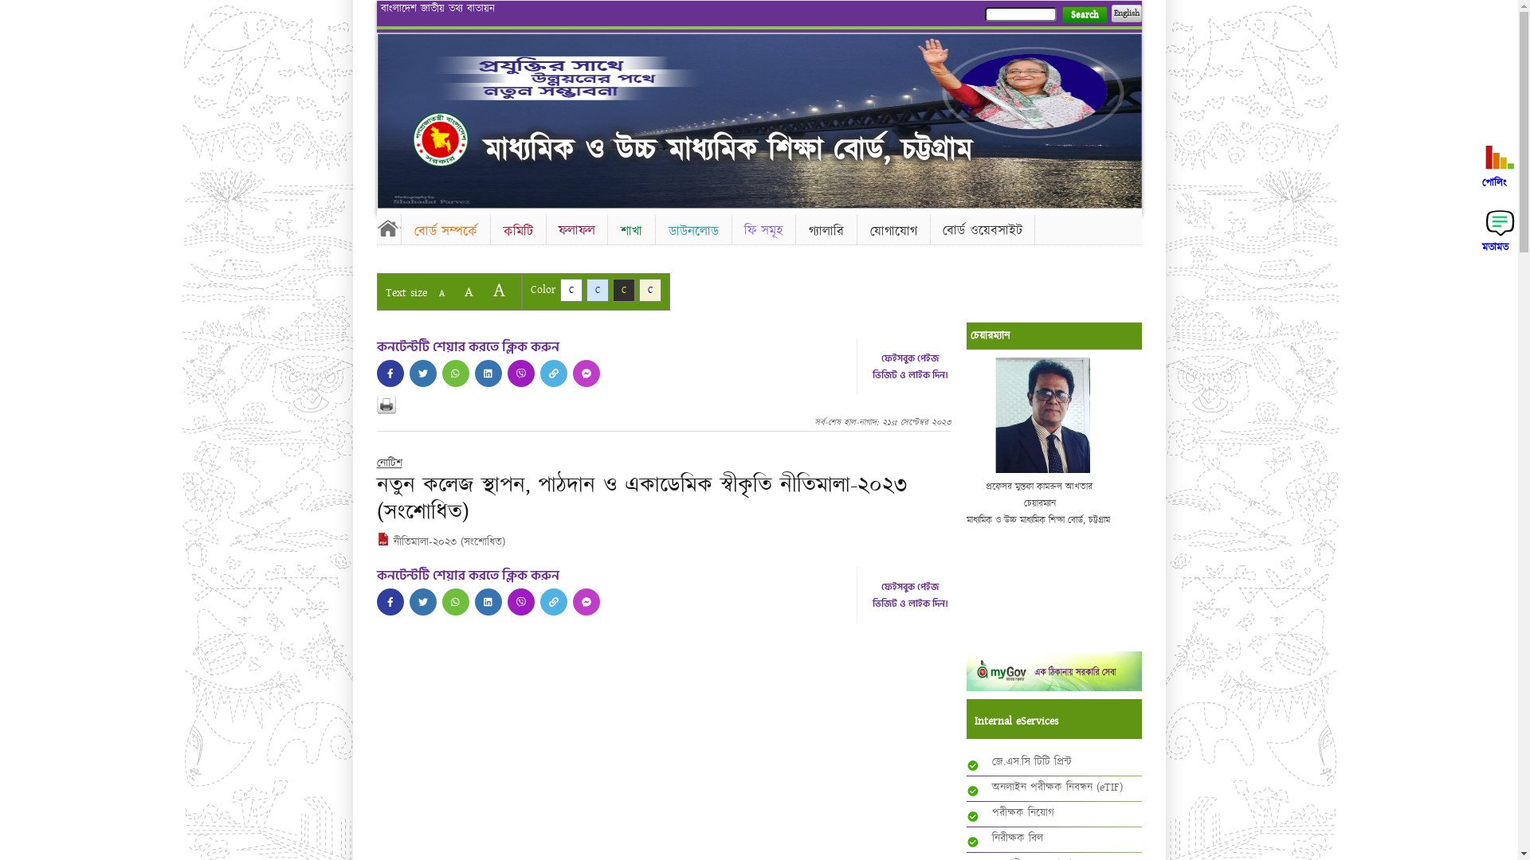 The image size is (1530, 860). What do you see at coordinates (1109, 13) in the screenshot?
I see `'English'` at bounding box center [1109, 13].